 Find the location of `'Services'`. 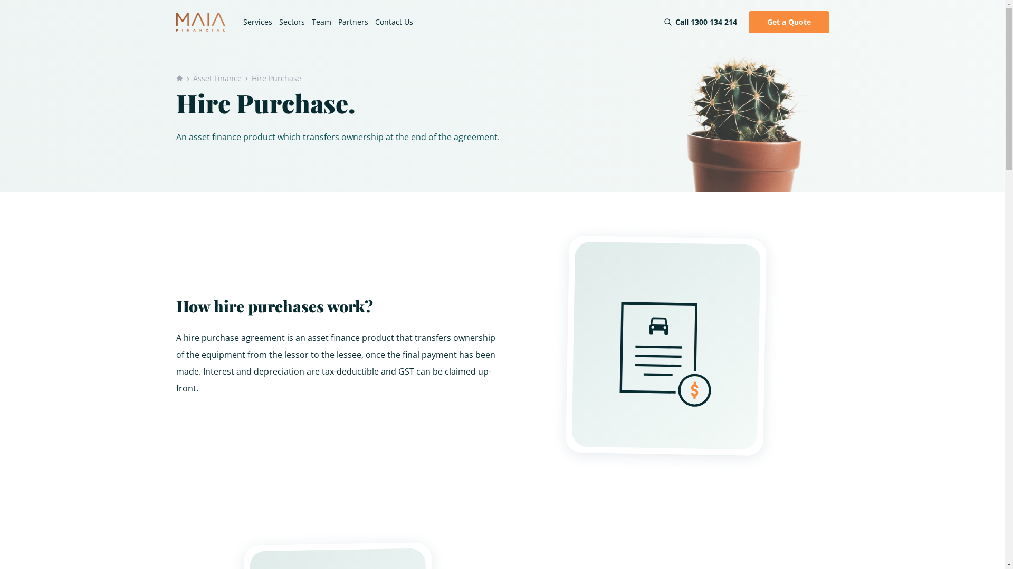

'Services' is located at coordinates (257, 22).